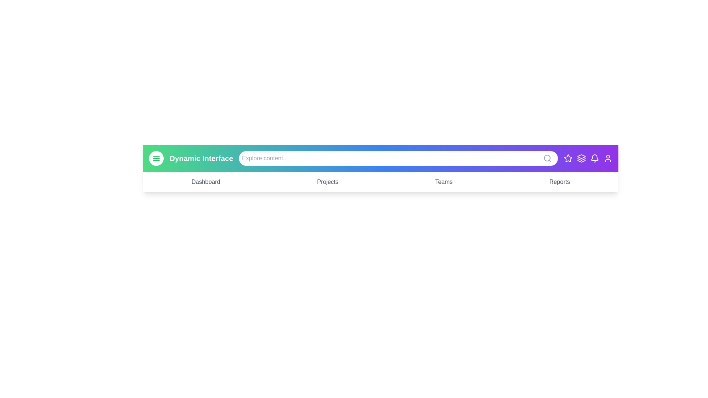 The image size is (708, 398). Describe the element at coordinates (581, 158) in the screenshot. I see `the Layers icon to perform its associated action` at that location.